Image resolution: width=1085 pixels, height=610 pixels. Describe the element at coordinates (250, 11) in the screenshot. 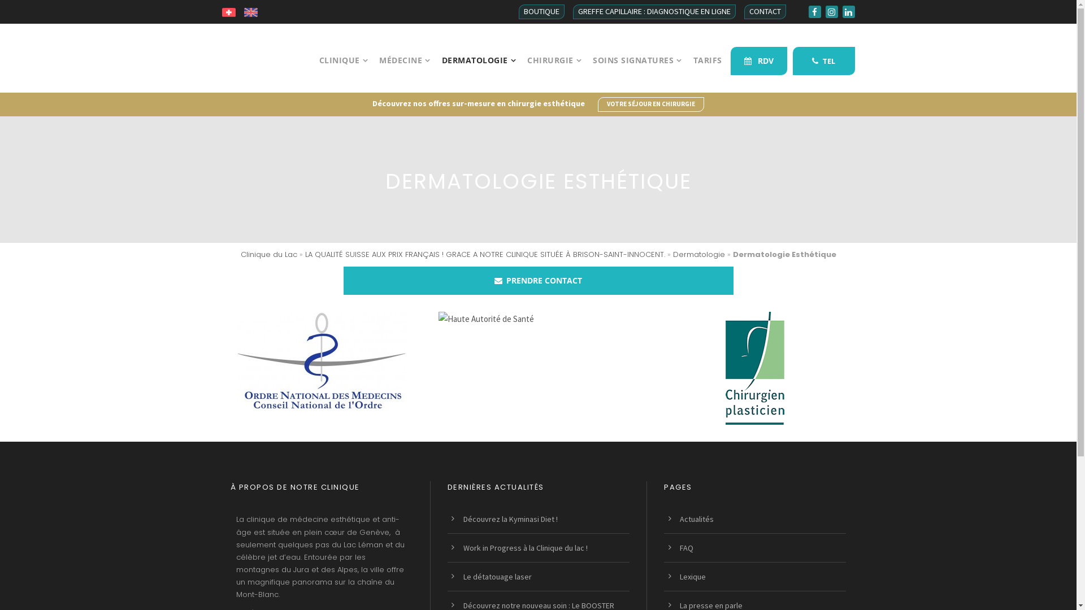

I see `'English'` at that location.